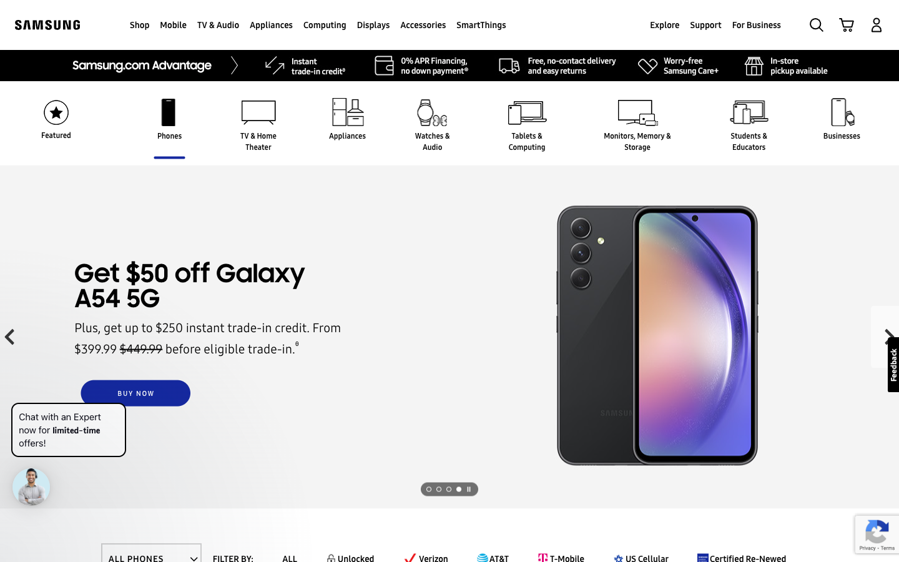 Image resolution: width=899 pixels, height=562 pixels. Describe the element at coordinates (468, 488) in the screenshot. I see `the subsequent visual presentation` at that location.